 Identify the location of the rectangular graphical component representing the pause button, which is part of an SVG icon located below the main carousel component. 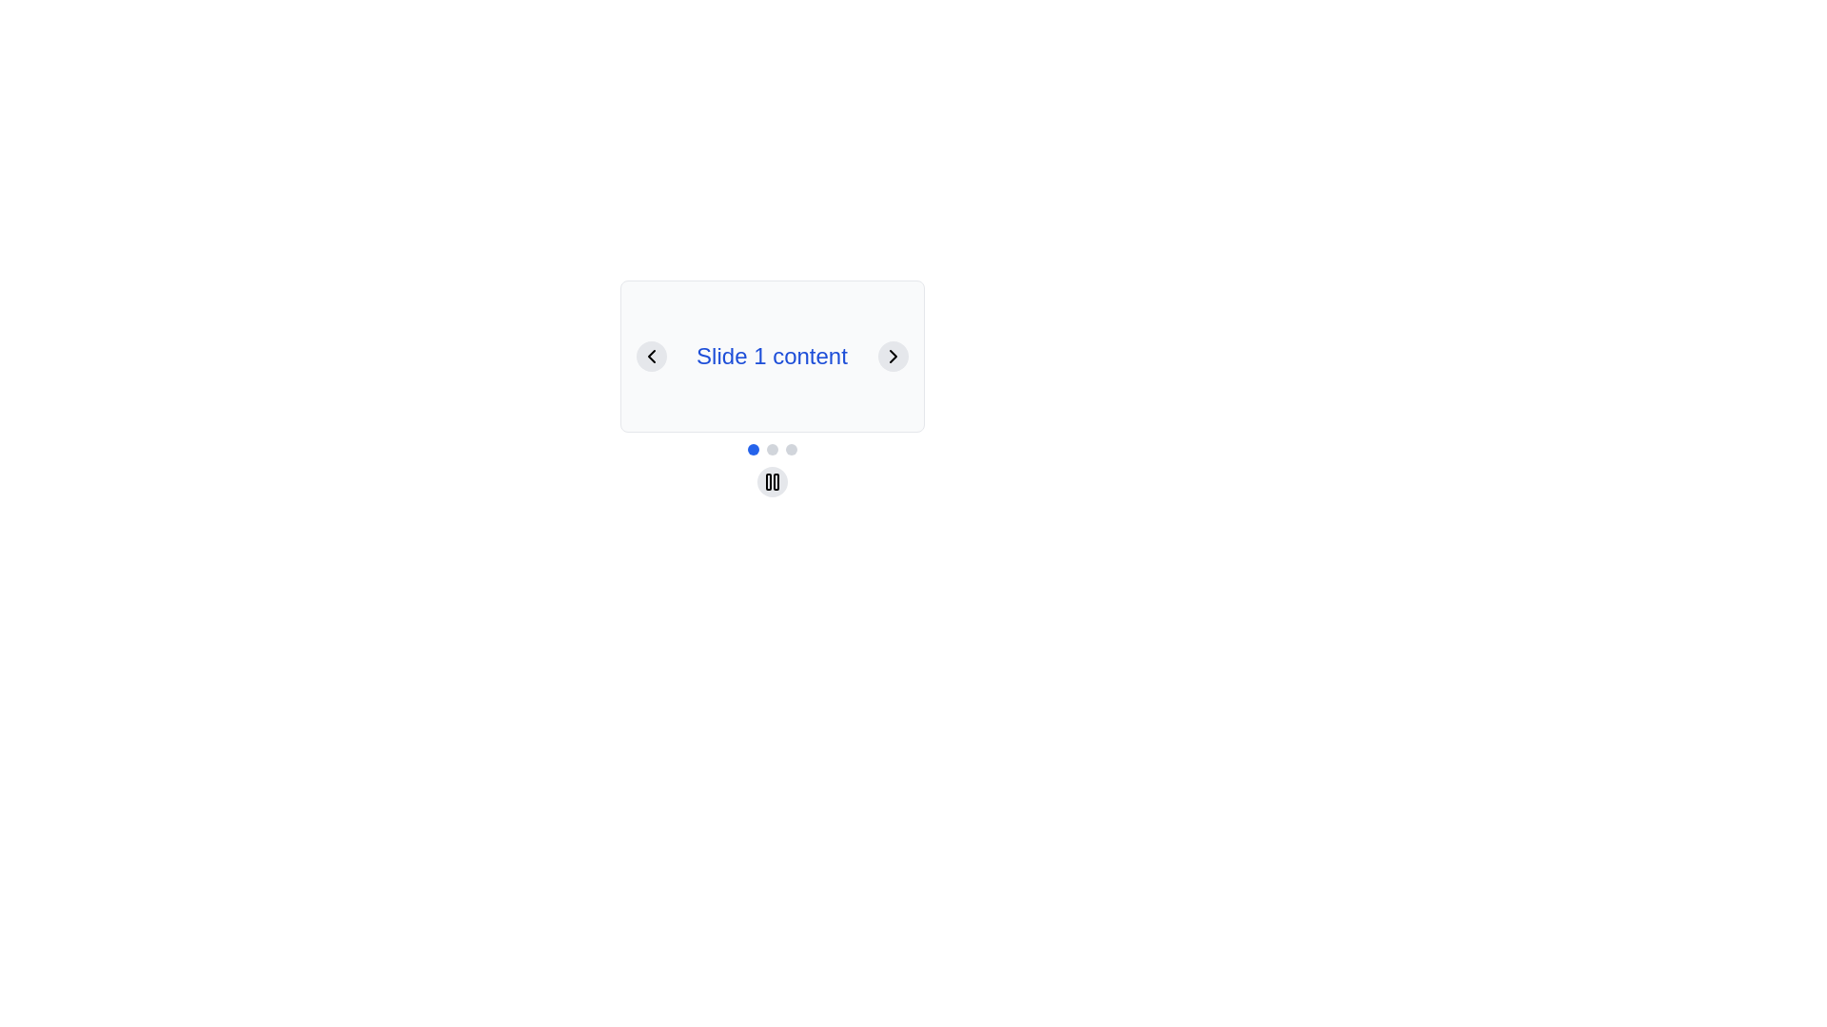
(768, 480).